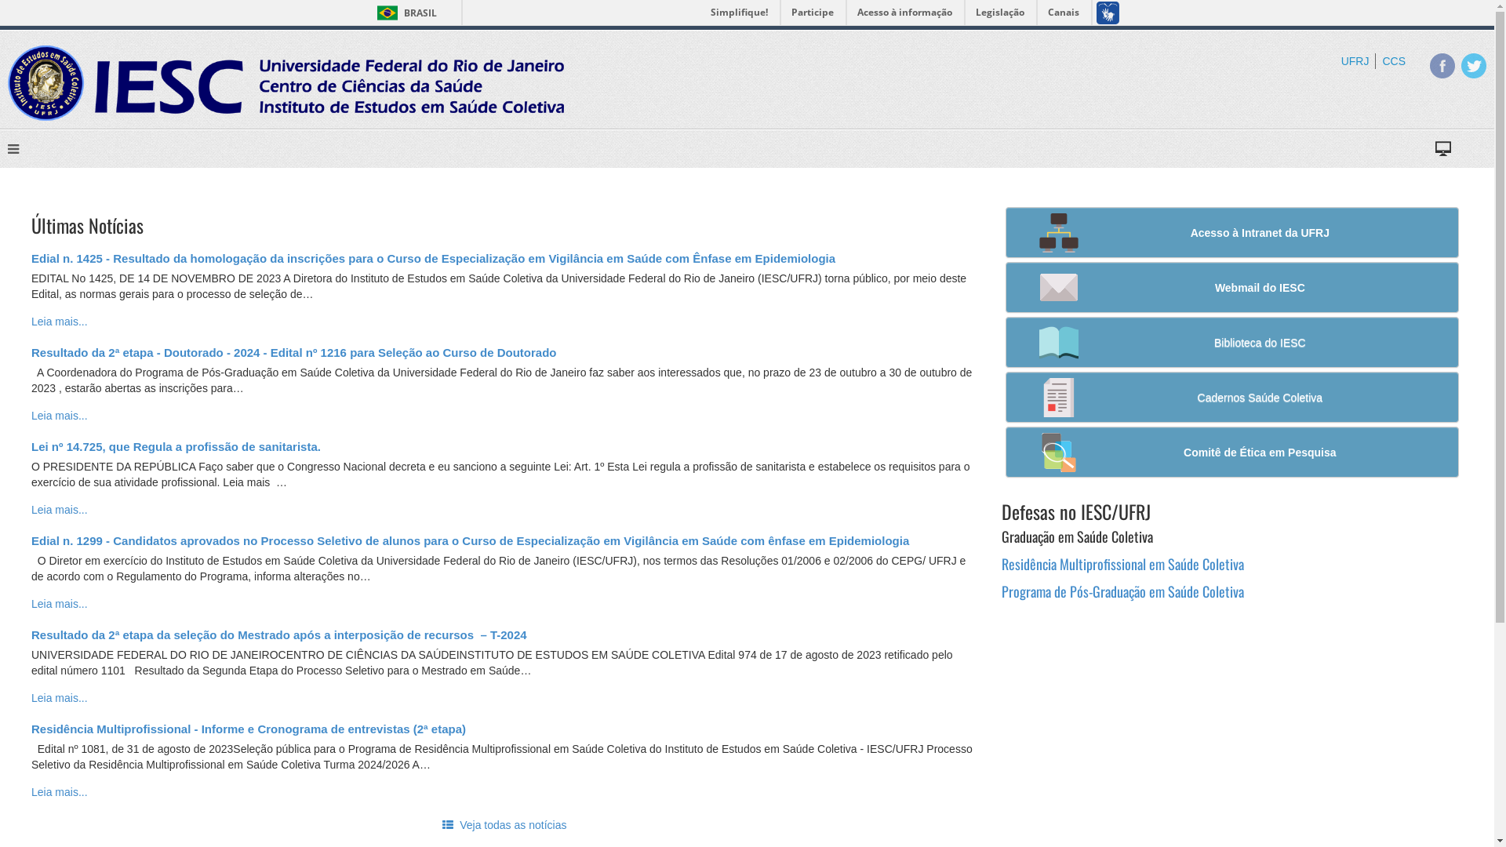 Image resolution: width=1506 pixels, height=847 pixels. I want to click on 'CCS', so click(1393, 60).